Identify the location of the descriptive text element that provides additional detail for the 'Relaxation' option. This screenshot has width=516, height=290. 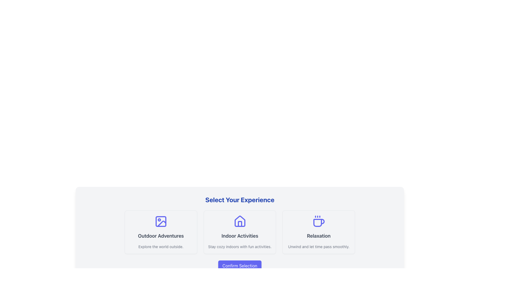
(318, 247).